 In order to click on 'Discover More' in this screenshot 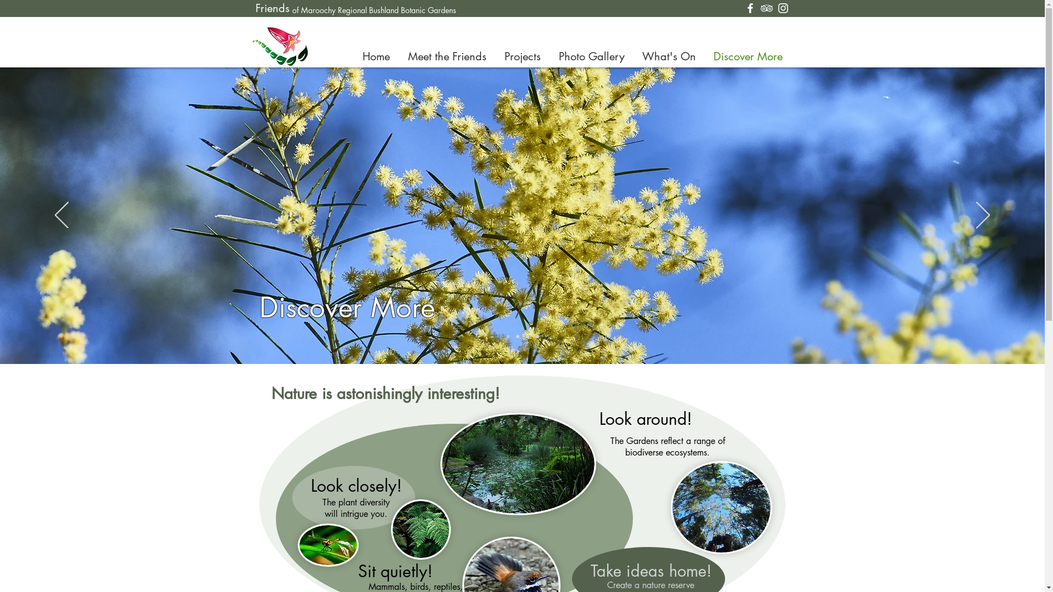, I will do `click(747, 56)`.